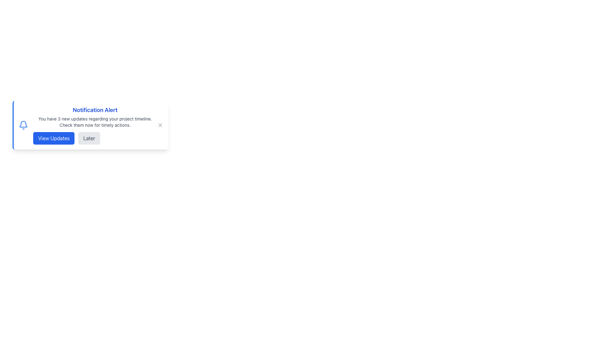  Describe the element at coordinates (89, 138) in the screenshot. I see `the second button in the horizontal button group to the right of the 'View Updates' button to defer the action` at that location.